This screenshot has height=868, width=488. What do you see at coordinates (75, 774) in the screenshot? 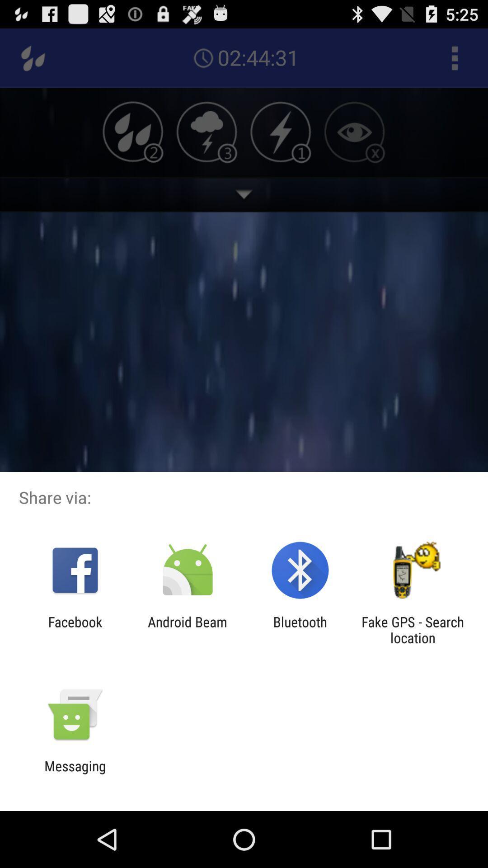
I see `the messaging app` at bounding box center [75, 774].